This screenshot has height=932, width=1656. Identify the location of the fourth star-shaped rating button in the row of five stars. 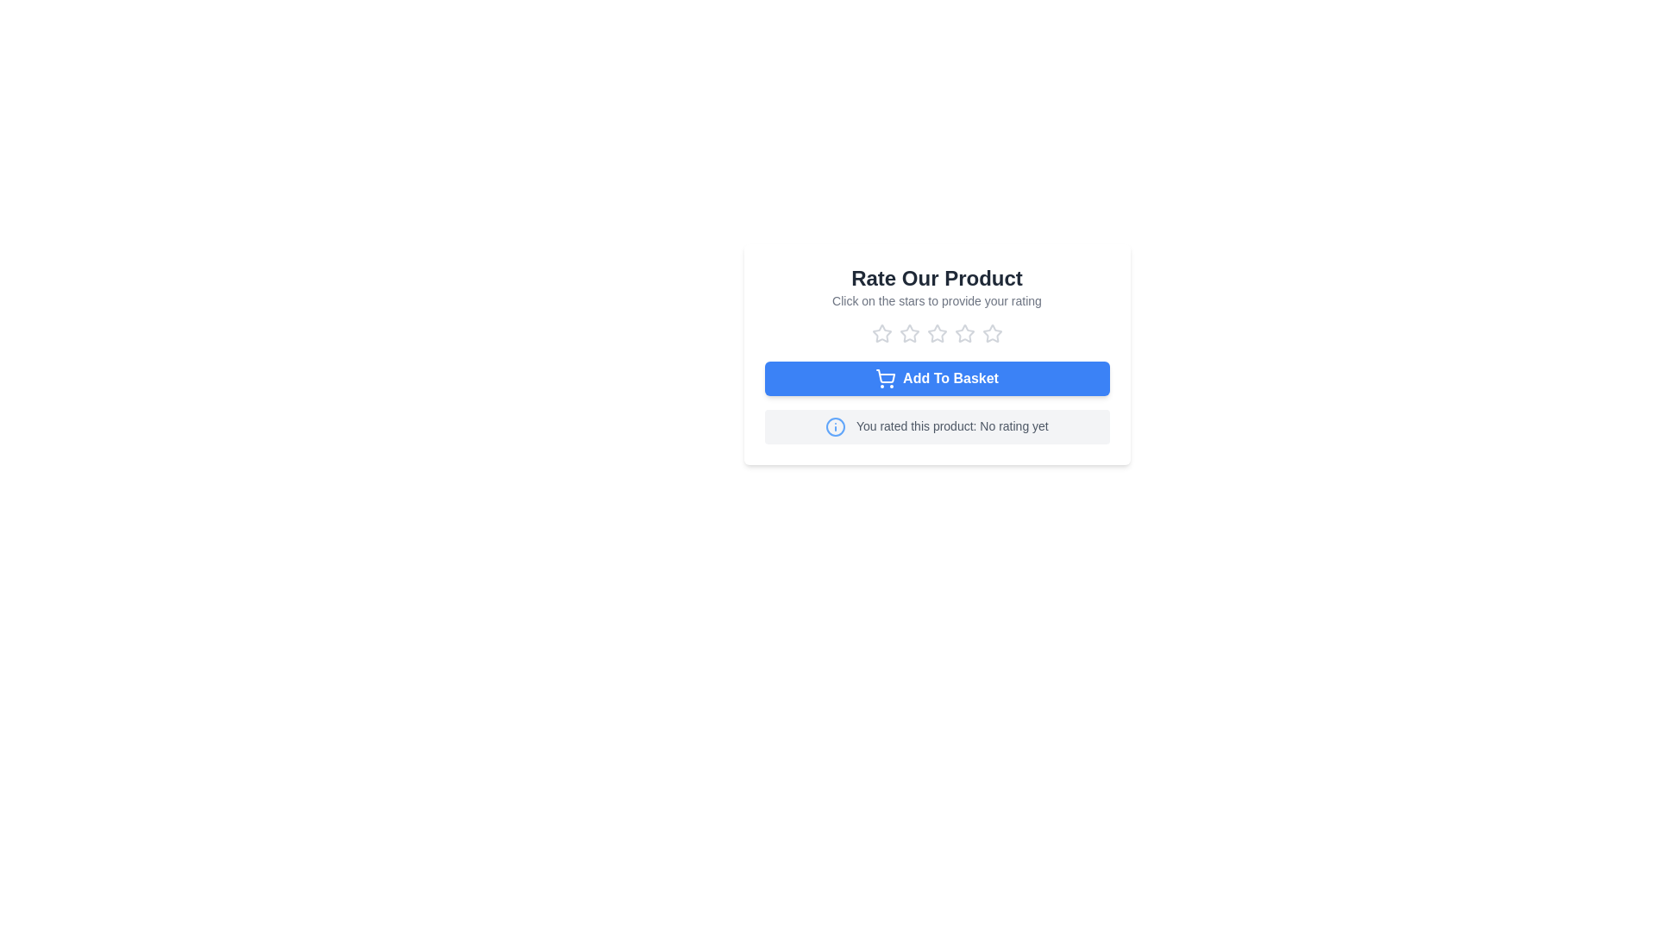
(963, 333).